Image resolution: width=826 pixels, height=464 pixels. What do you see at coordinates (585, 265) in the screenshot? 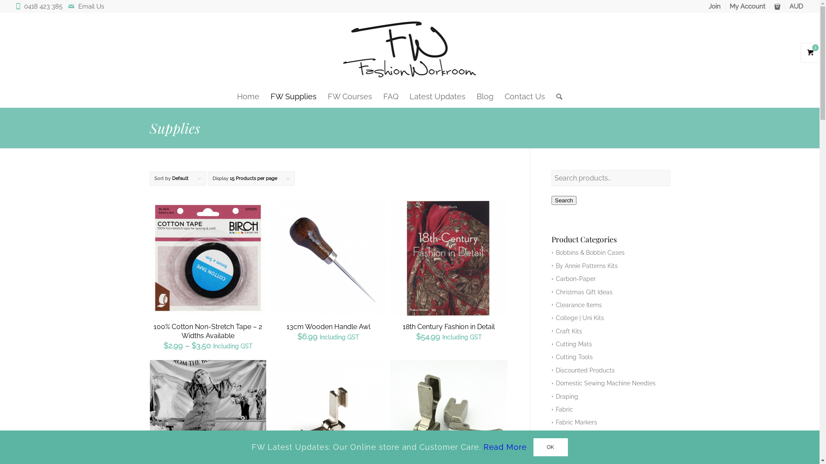
I see `'By Annie Patterns Kits'` at bounding box center [585, 265].